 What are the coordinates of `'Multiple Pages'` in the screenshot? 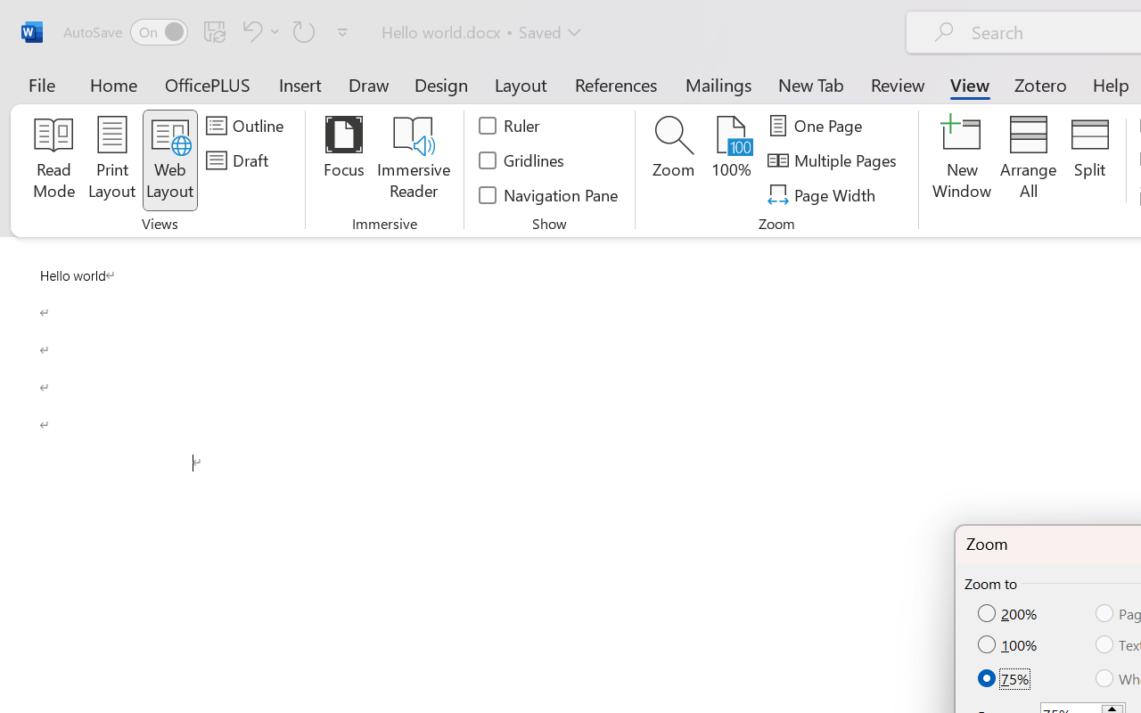 It's located at (833, 160).